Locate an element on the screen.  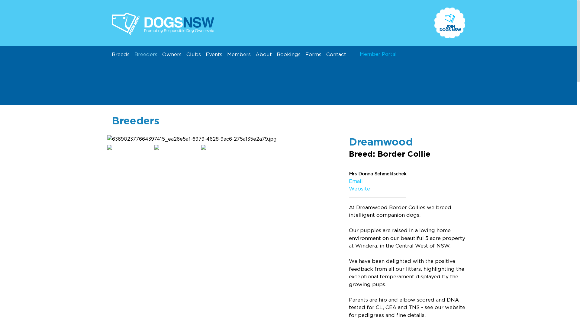
'Website' is located at coordinates (359, 188).